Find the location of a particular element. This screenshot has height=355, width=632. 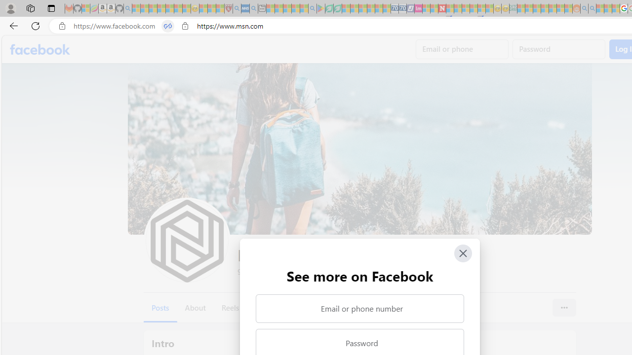

'Email or phone number' is located at coordinates (359, 308).